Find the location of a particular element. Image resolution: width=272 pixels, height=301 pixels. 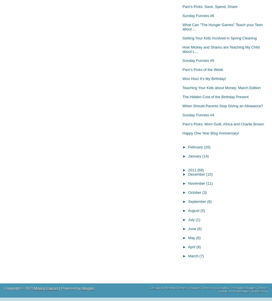

'2023' is located at coordinates (29, 288).